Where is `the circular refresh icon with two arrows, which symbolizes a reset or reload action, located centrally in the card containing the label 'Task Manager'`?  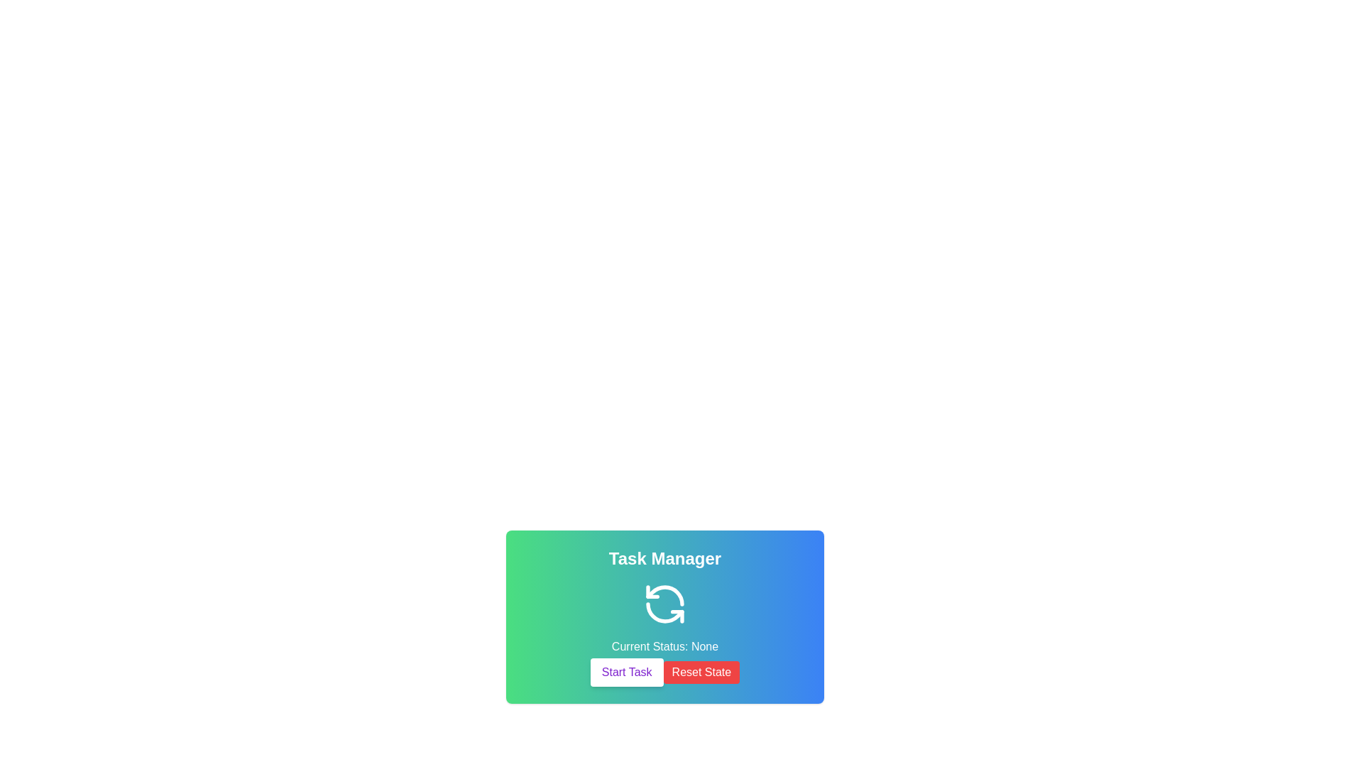 the circular refresh icon with two arrows, which symbolizes a reset or reload action, located centrally in the card containing the label 'Task Manager' is located at coordinates (664, 604).